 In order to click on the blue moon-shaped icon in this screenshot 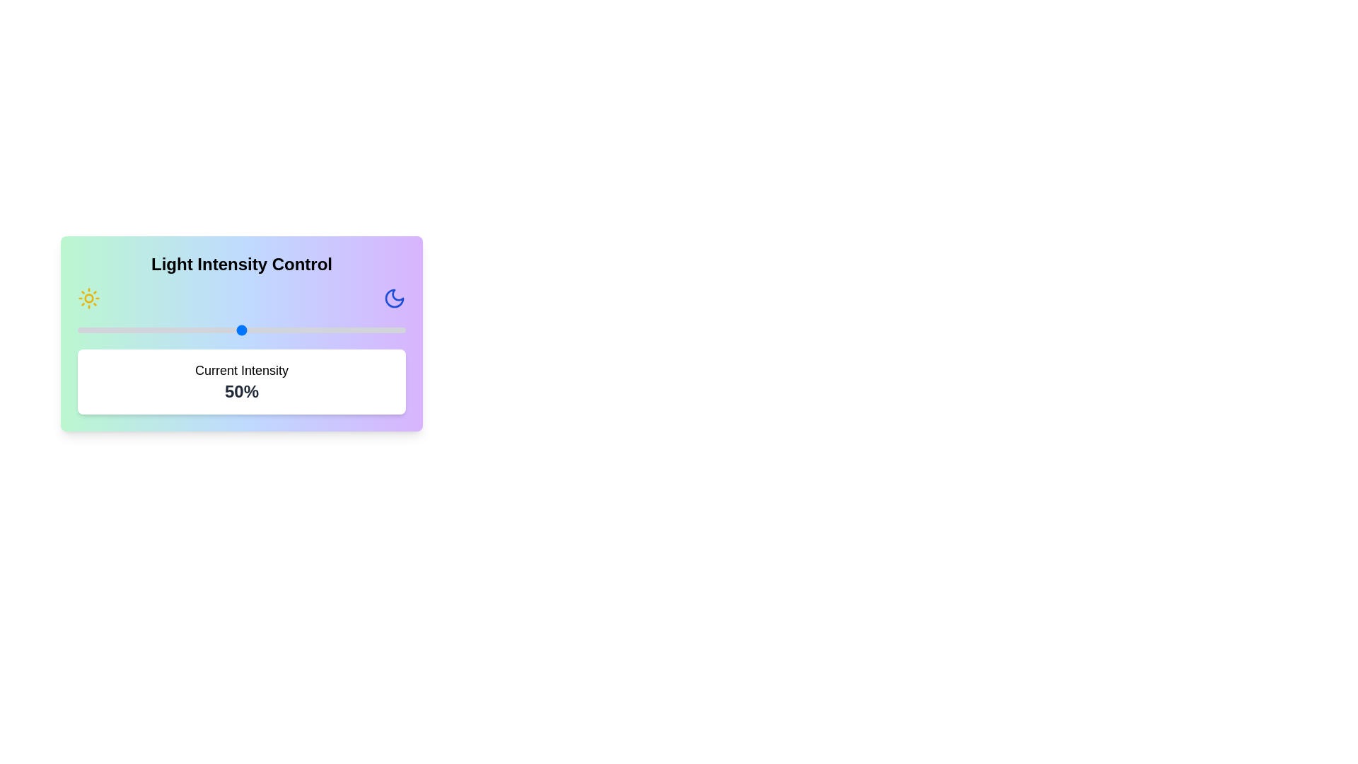, I will do `click(394, 297)`.